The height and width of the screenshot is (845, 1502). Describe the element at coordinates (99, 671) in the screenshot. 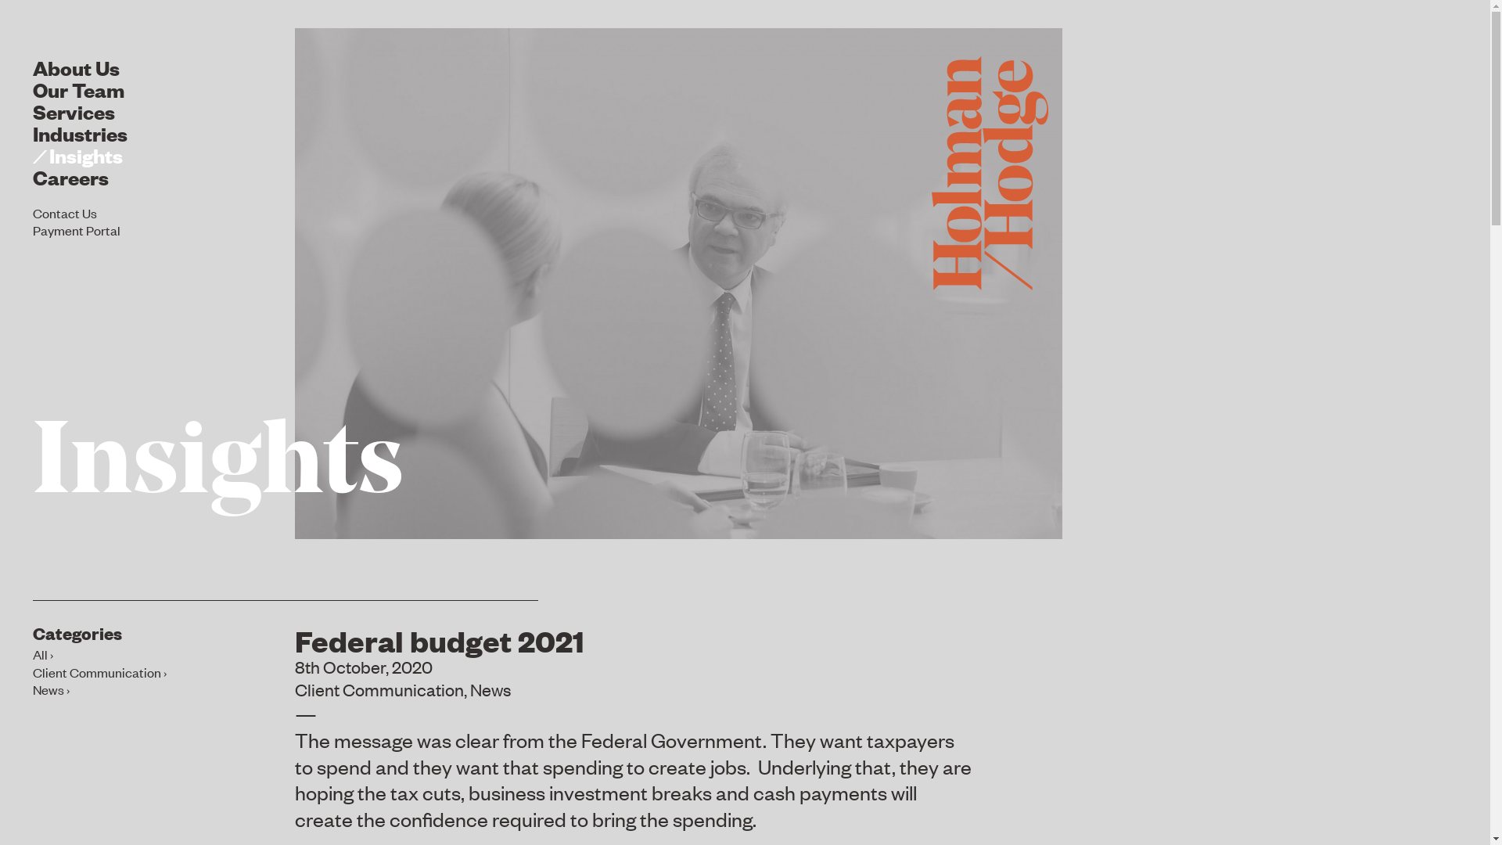

I see `'Client Communication'` at that location.